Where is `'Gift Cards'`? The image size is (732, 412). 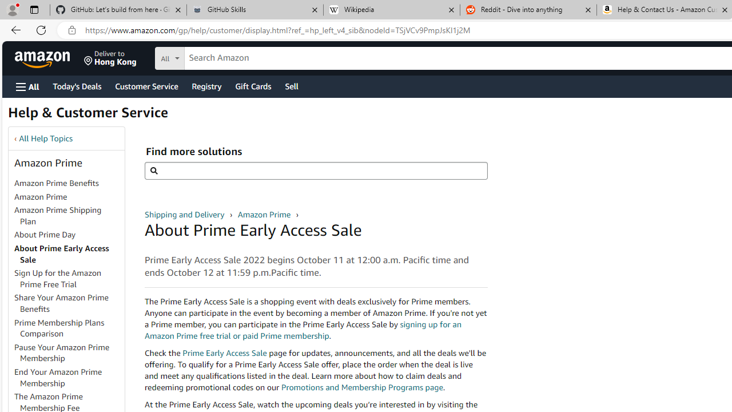 'Gift Cards' is located at coordinates (252, 85).